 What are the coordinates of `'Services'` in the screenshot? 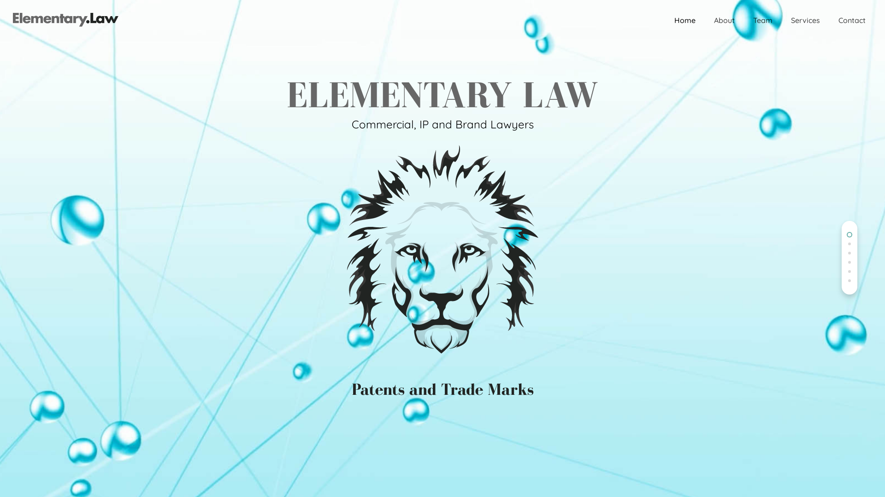 It's located at (805, 20).